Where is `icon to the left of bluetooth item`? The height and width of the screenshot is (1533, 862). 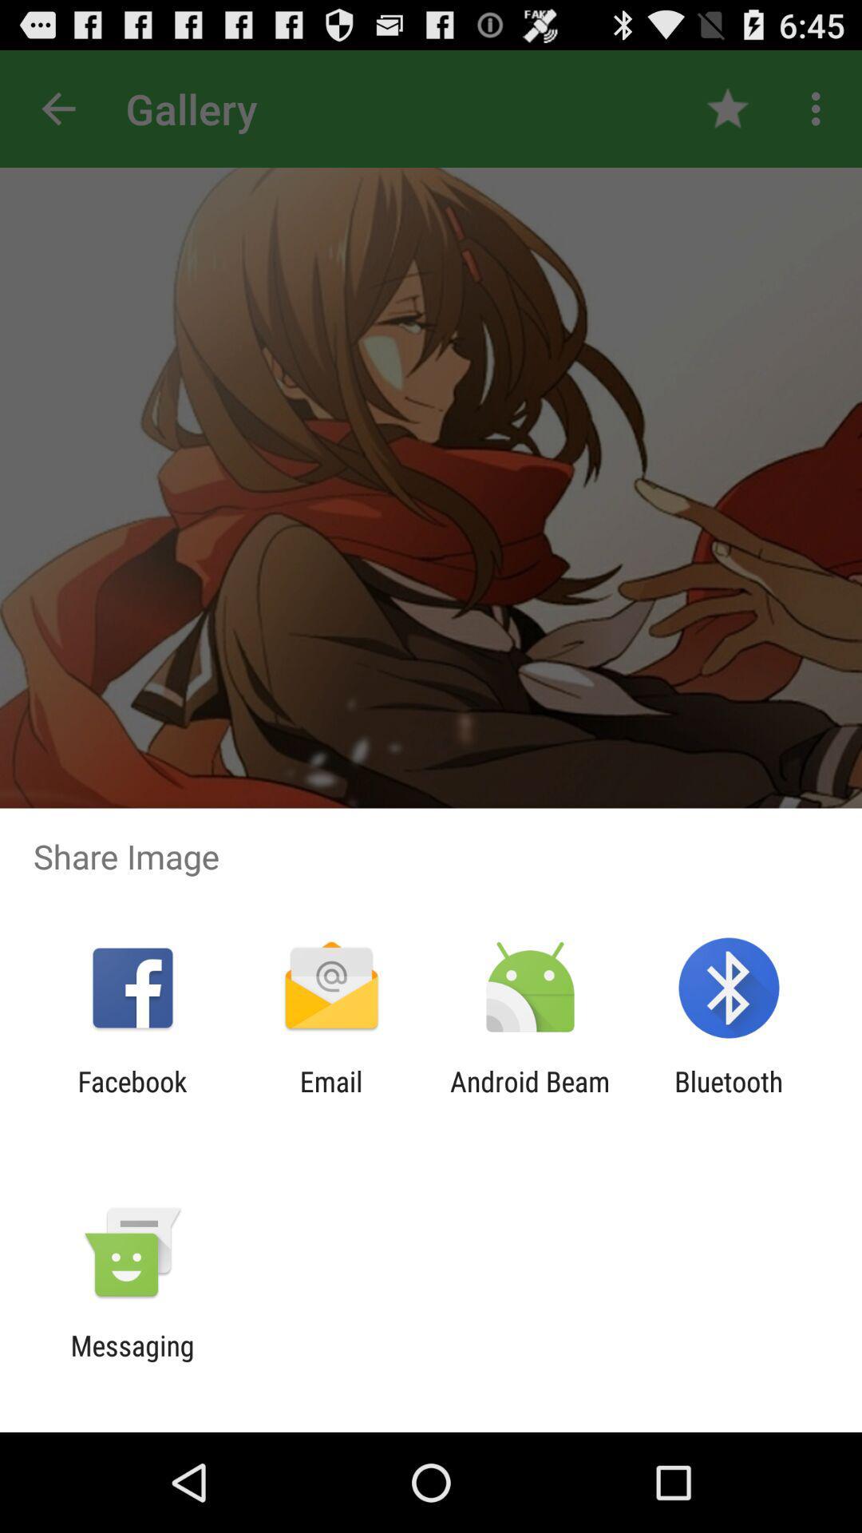
icon to the left of bluetooth item is located at coordinates (530, 1097).